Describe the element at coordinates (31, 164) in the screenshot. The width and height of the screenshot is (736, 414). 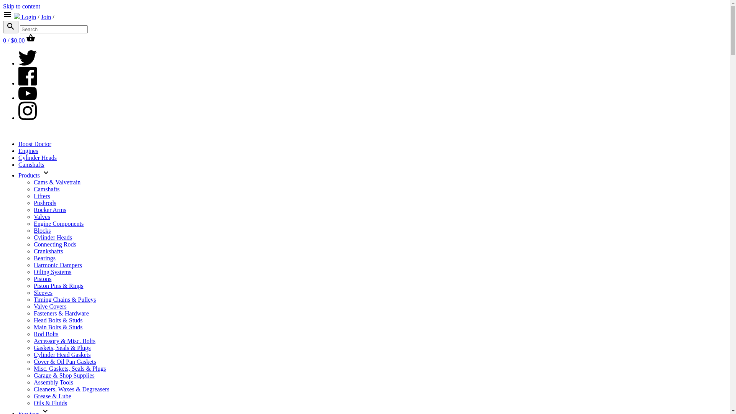
I see `'Camshafts'` at that location.